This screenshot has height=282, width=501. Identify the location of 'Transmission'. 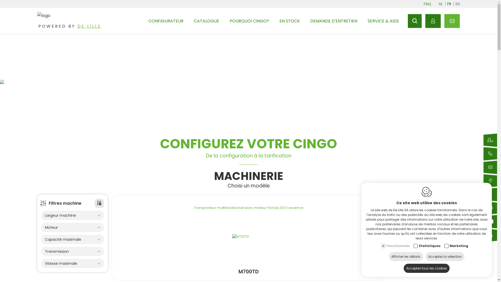
(72, 251).